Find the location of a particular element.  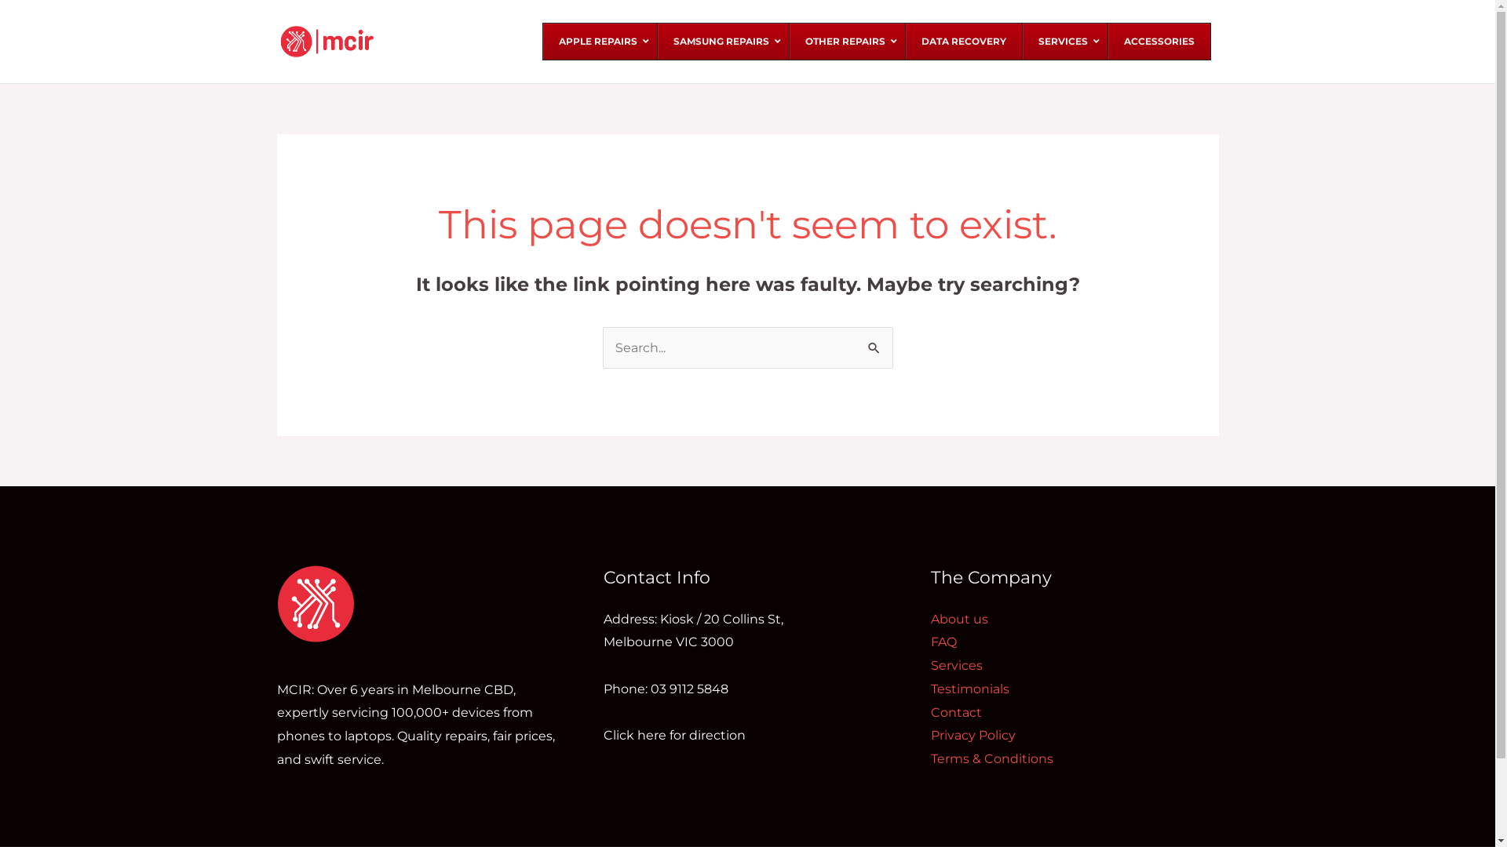

'About us' is located at coordinates (958, 618).